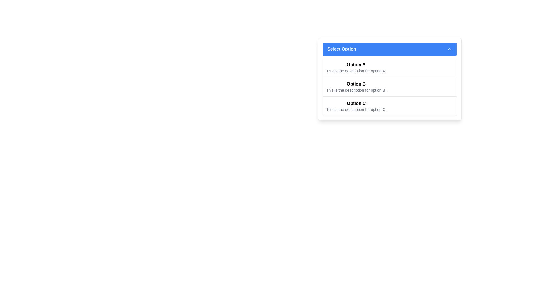 The width and height of the screenshot is (538, 302). Describe the element at coordinates (356, 67) in the screenshot. I see `the first option labeled 'Option A' in the dropdown menu below the blue header stating 'Select Option'` at that location.